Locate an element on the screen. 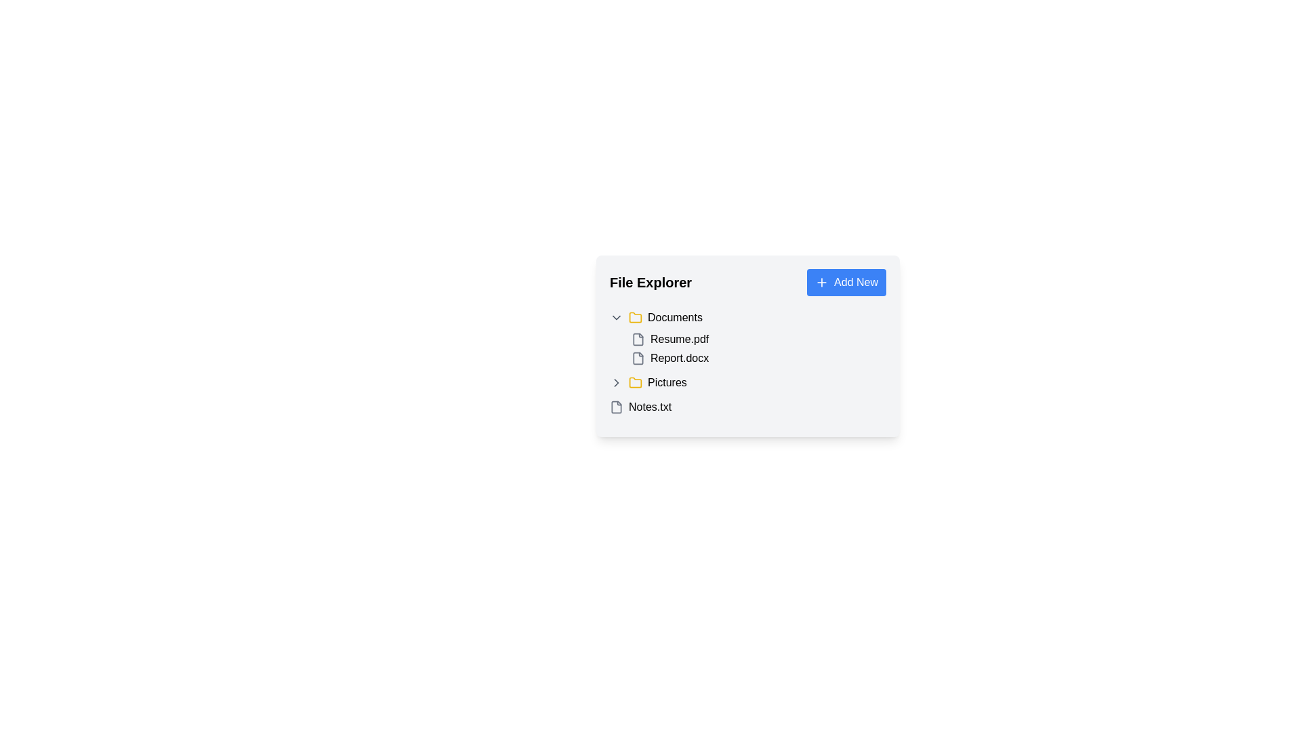  the Toggle icon (chevron-down) for the 'Documents' folder is located at coordinates (616, 318).